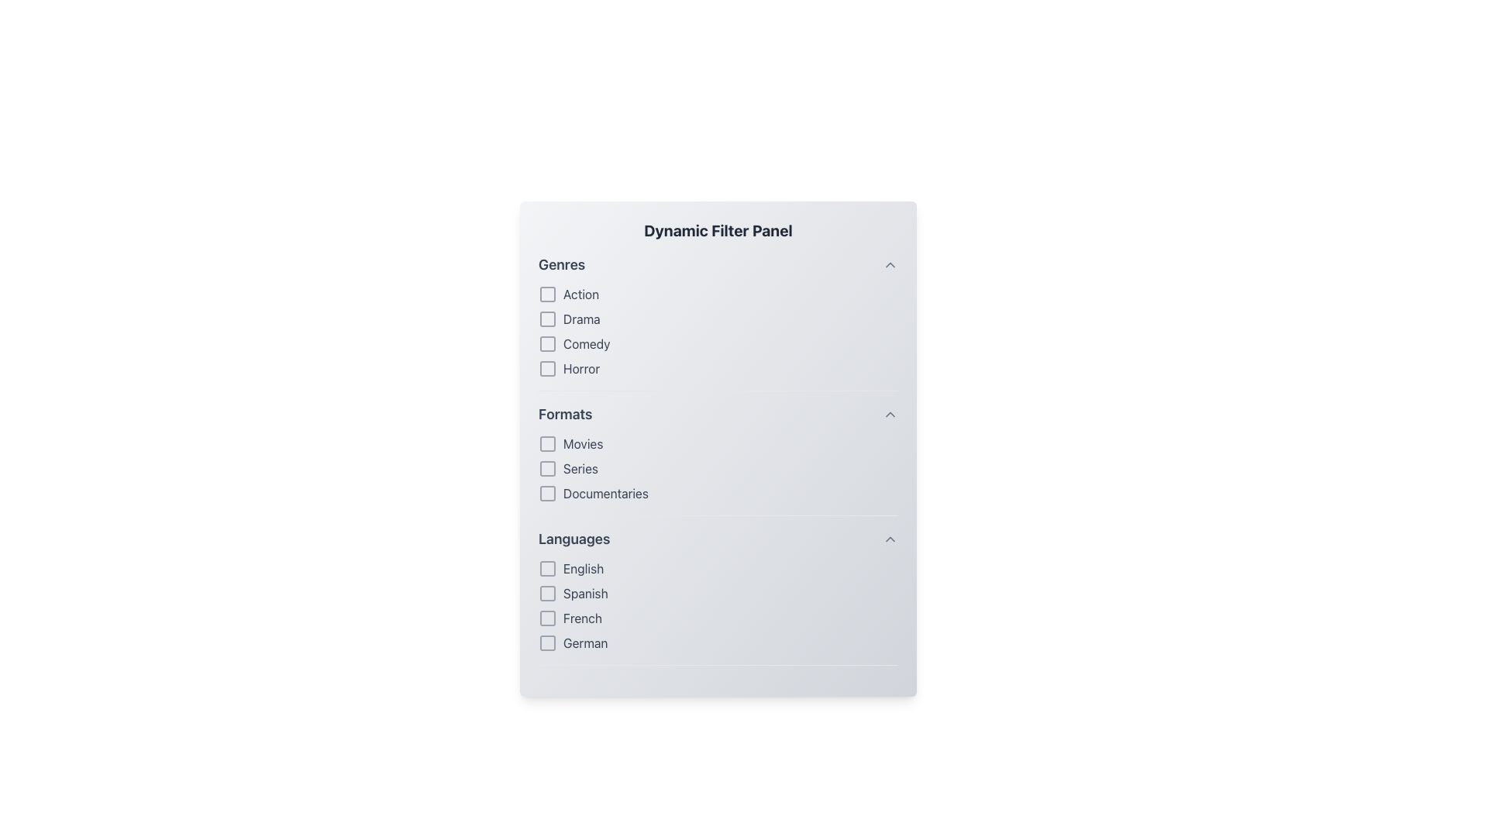 The width and height of the screenshot is (1488, 837). I want to click on the third checkbox in the 'Languages' section, so click(547, 618).